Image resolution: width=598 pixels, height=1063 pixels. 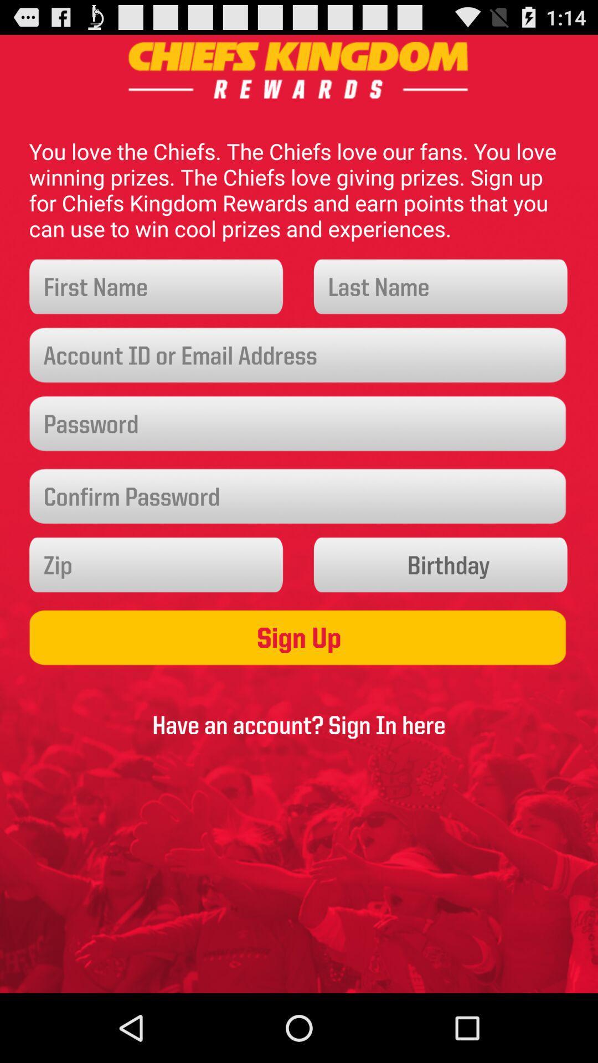 What do you see at coordinates (157, 287) in the screenshot?
I see `name field` at bounding box center [157, 287].